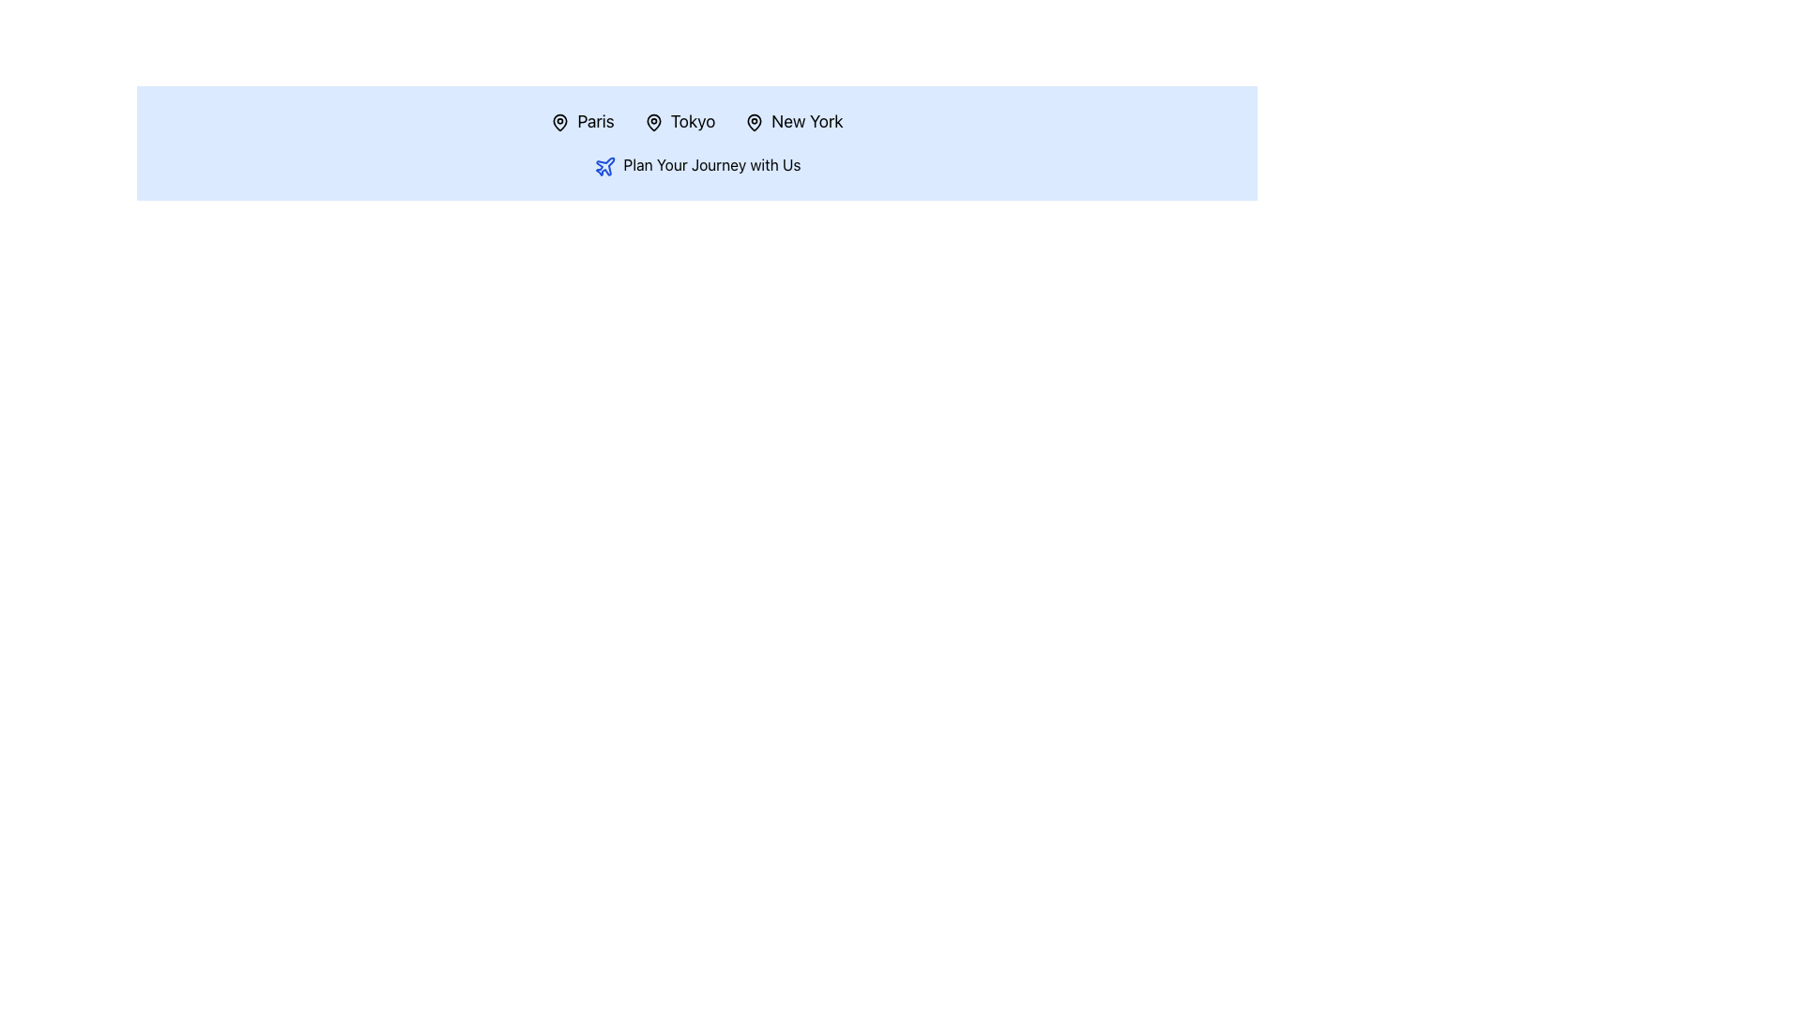 The height and width of the screenshot is (1013, 1802). What do you see at coordinates (653, 123) in the screenshot?
I see `the map pin icon which is teardrop-shaped with a circular cutout, located near the top center of the interface, slightly to the right of the text 'Tokyo'` at bounding box center [653, 123].